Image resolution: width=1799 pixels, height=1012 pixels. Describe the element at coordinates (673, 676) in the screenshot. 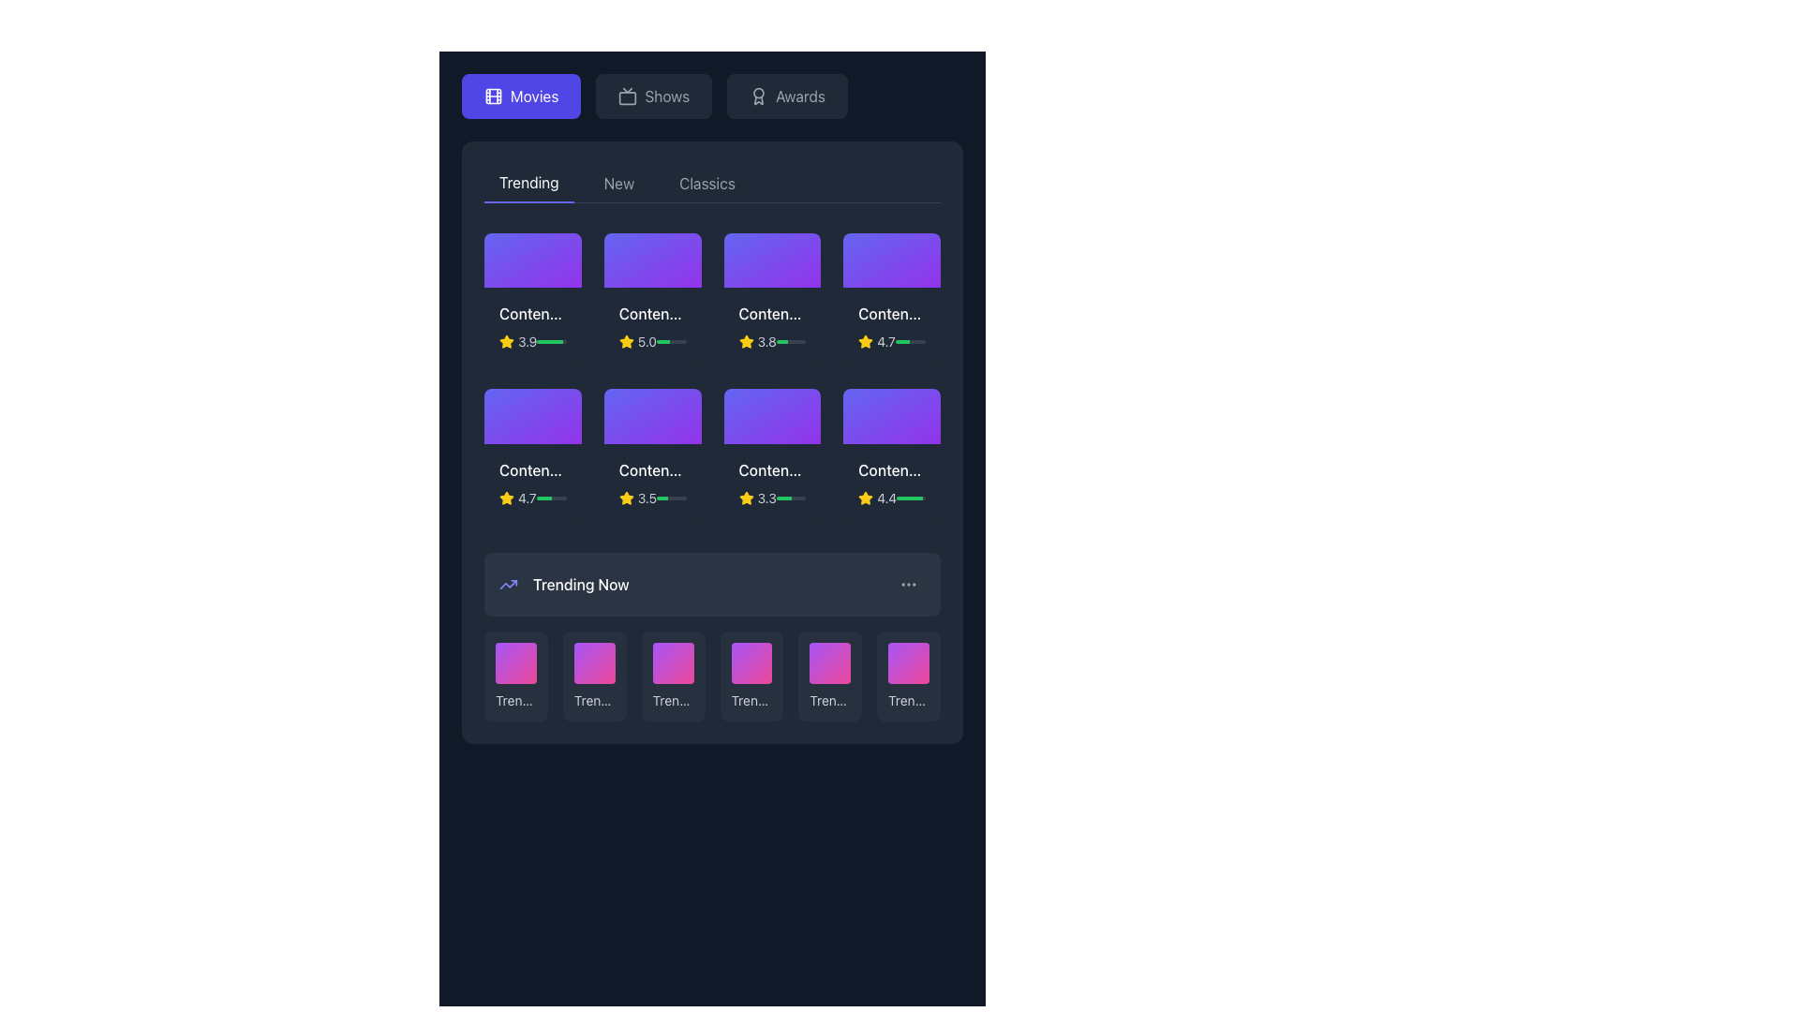

I see `the third item` at that location.